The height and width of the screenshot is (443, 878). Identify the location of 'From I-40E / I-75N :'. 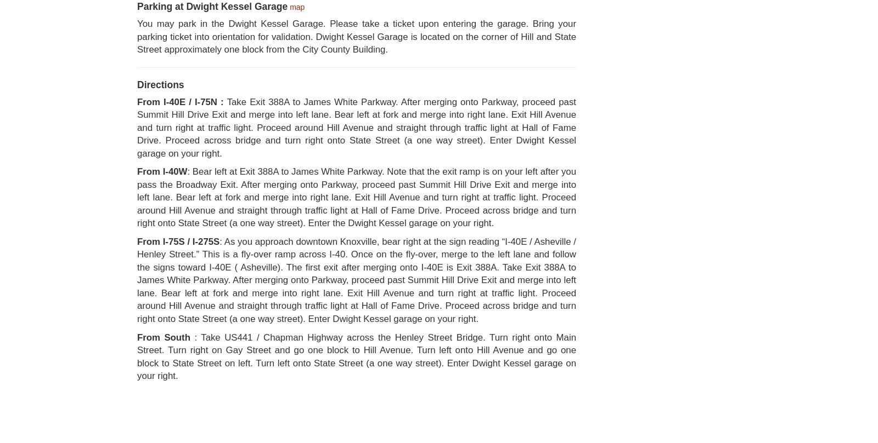
(137, 101).